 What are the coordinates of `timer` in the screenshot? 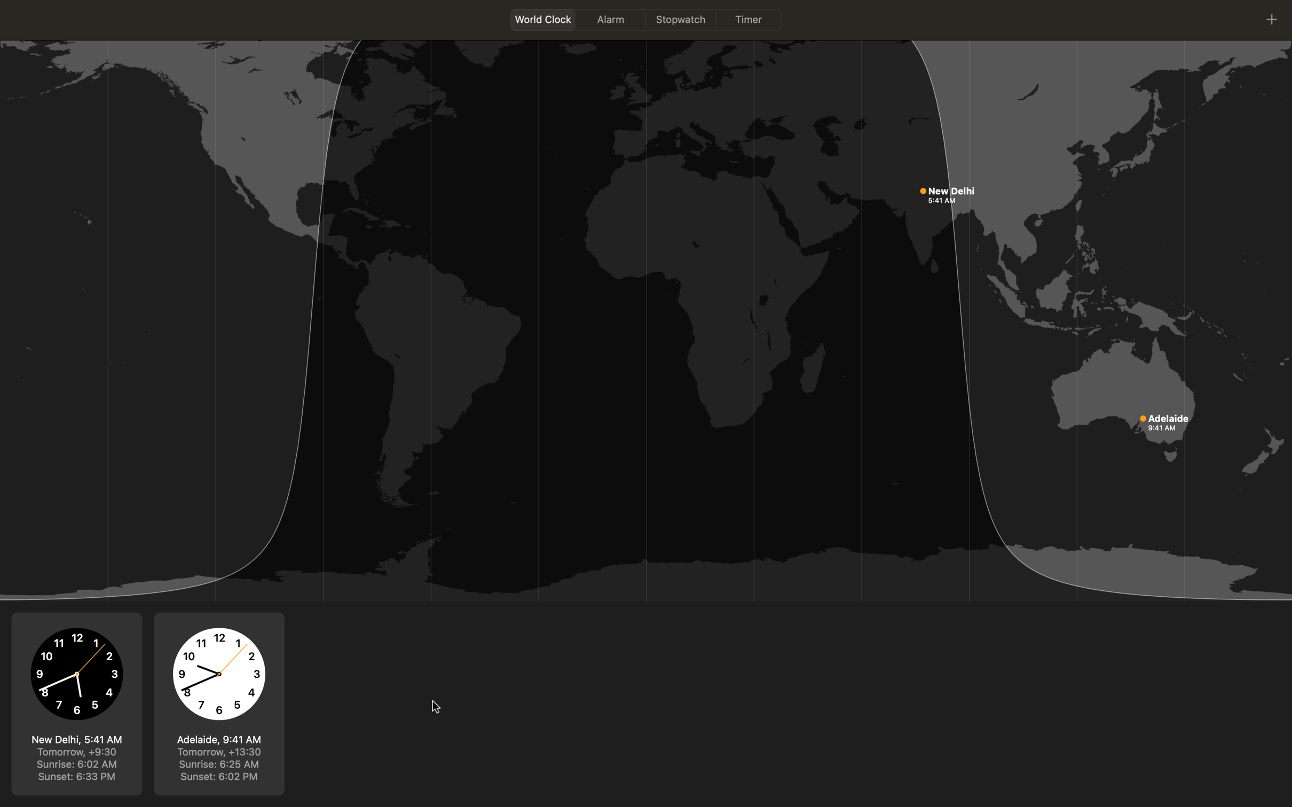 It's located at (749, 19).